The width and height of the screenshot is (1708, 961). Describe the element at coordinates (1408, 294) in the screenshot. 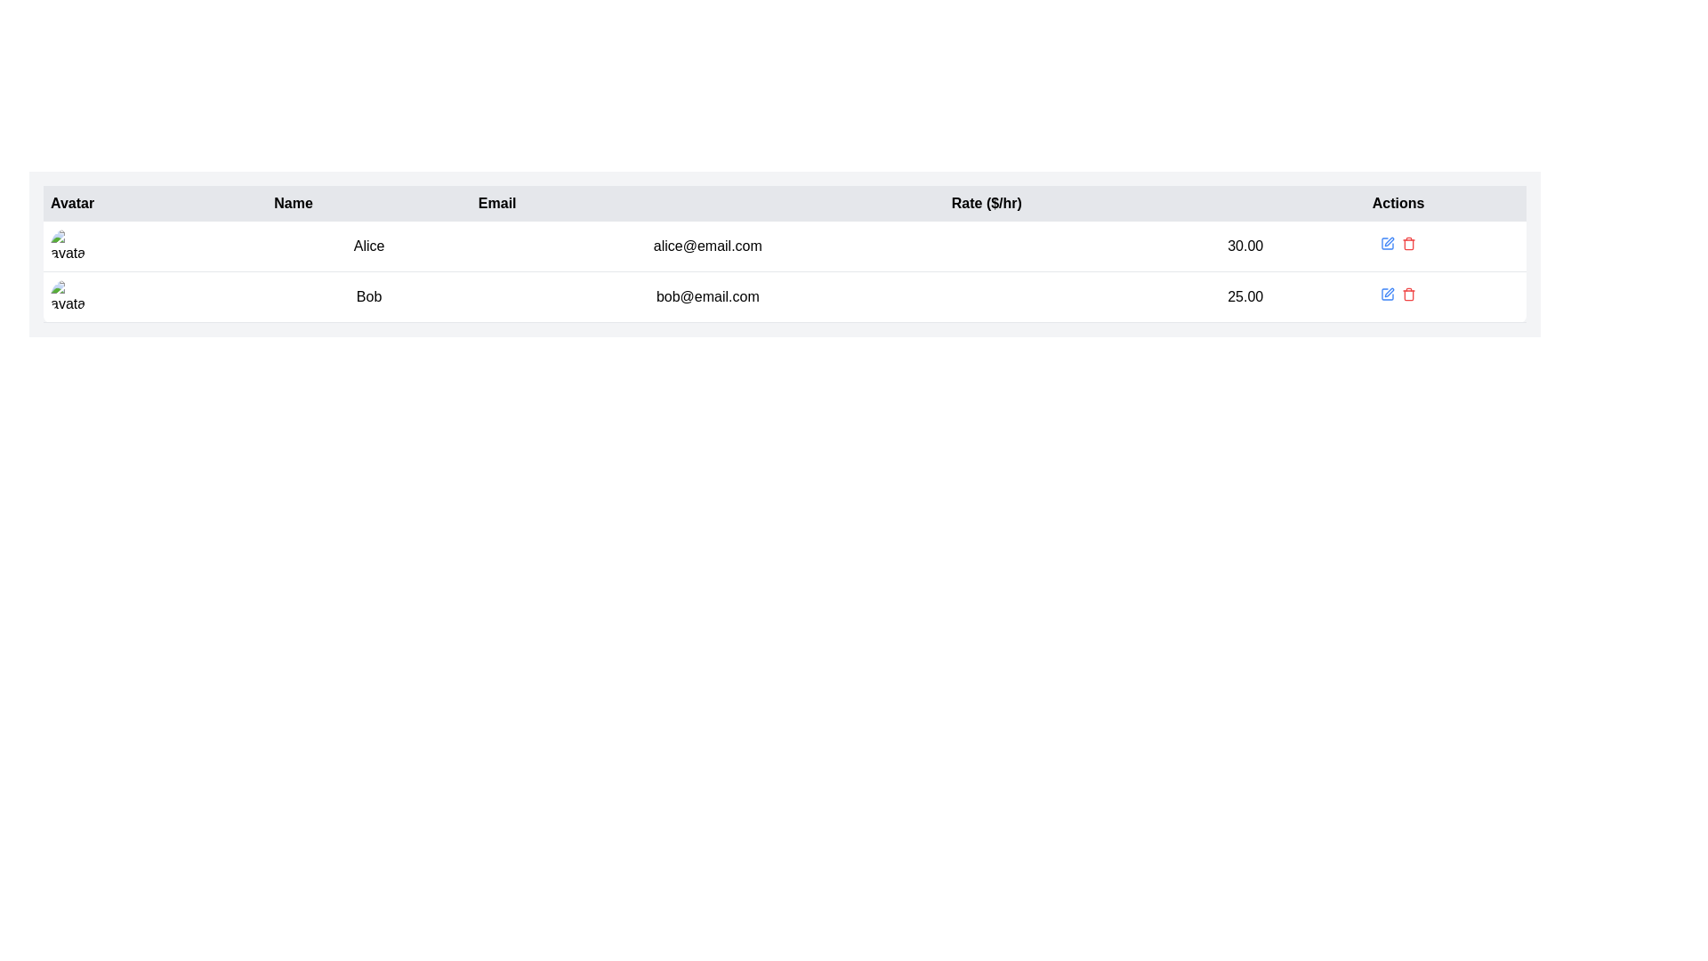

I see `the red trash can icon on the rightmost side of the row for user 'Bob' under the 'Actions' column to potentially see a tooltip` at that location.